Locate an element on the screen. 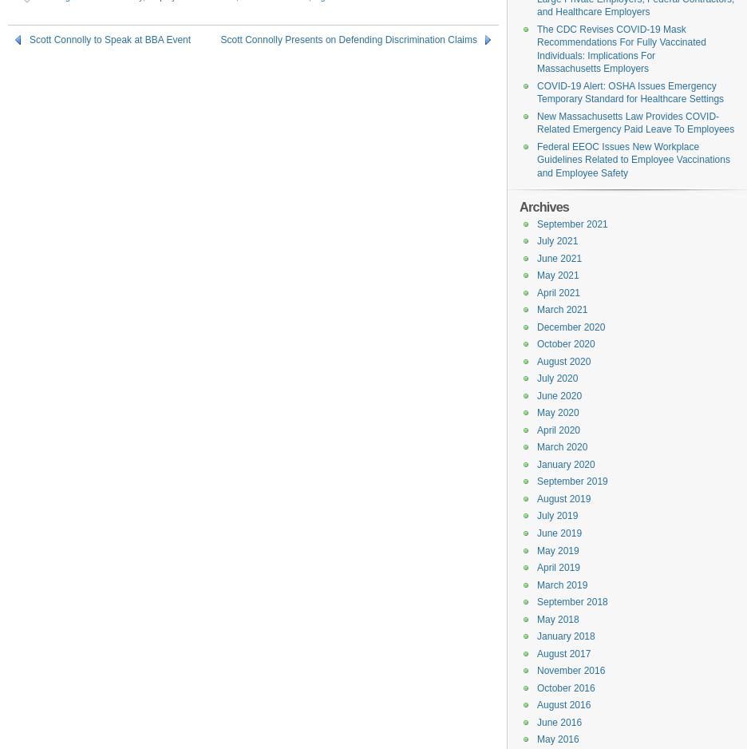 Image resolution: width=747 pixels, height=749 pixels. 'August 2016' is located at coordinates (563, 705).